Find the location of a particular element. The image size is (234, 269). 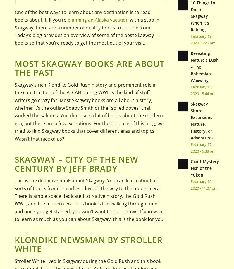

'February 17, 2020 - 6:38 pm' is located at coordinates (190, 147).